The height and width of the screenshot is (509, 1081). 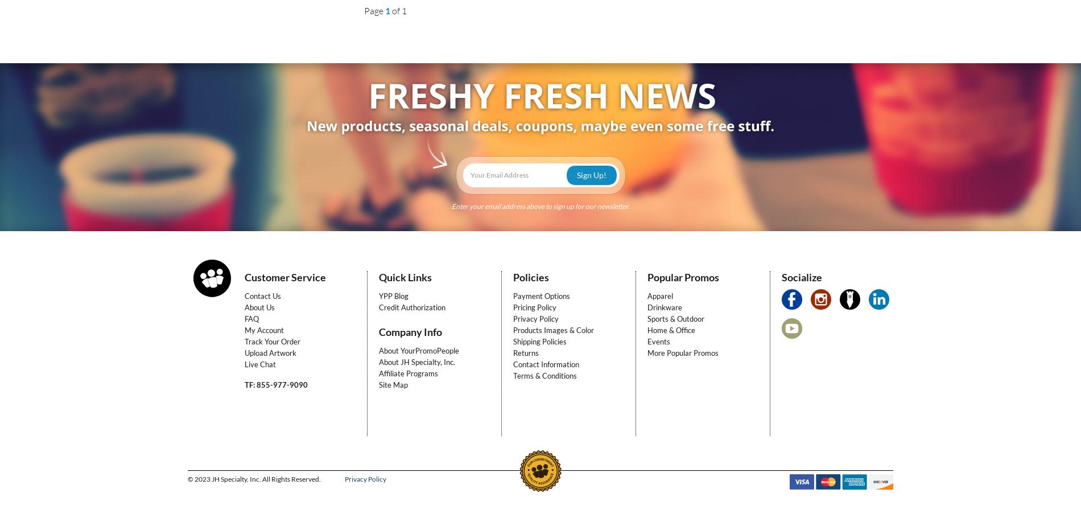 What do you see at coordinates (364, 11) in the screenshot?
I see `'Page'` at bounding box center [364, 11].